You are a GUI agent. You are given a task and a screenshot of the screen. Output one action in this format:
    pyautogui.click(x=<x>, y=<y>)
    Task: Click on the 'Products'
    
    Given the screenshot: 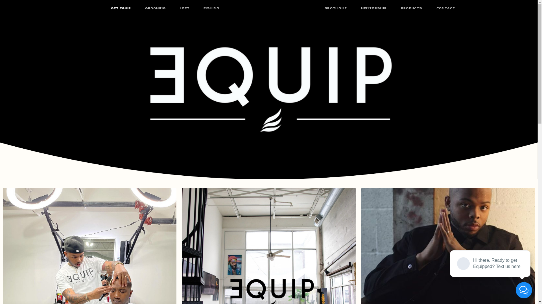 What is the action you would take?
    pyautogui.click(x=336, y=187)
    